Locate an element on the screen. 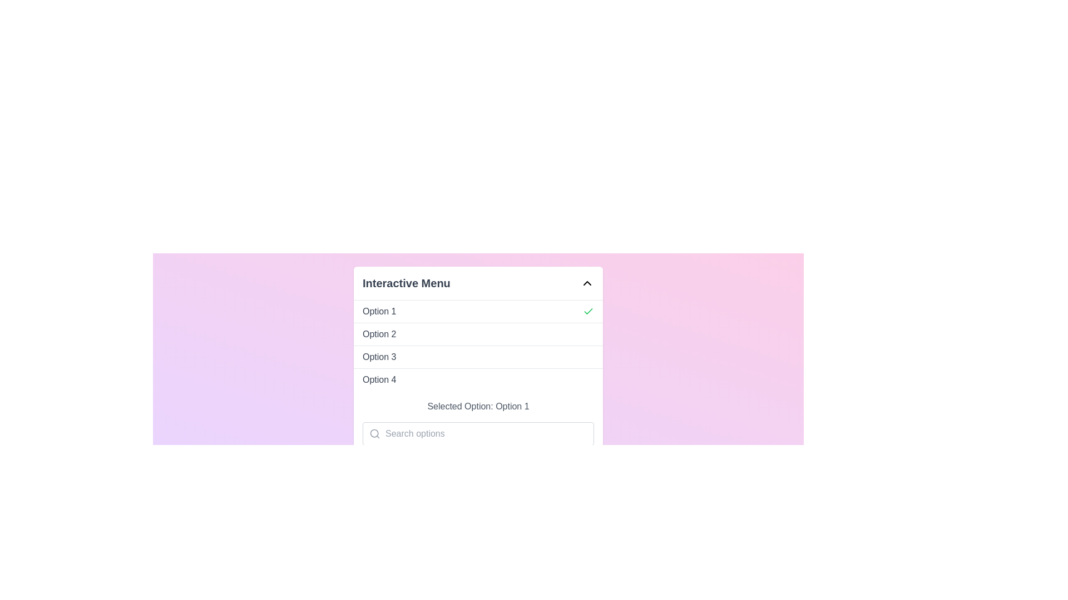  the first selectable option text label in the 'Interactive Menu' dropdown is located at coordinates (379, 311).